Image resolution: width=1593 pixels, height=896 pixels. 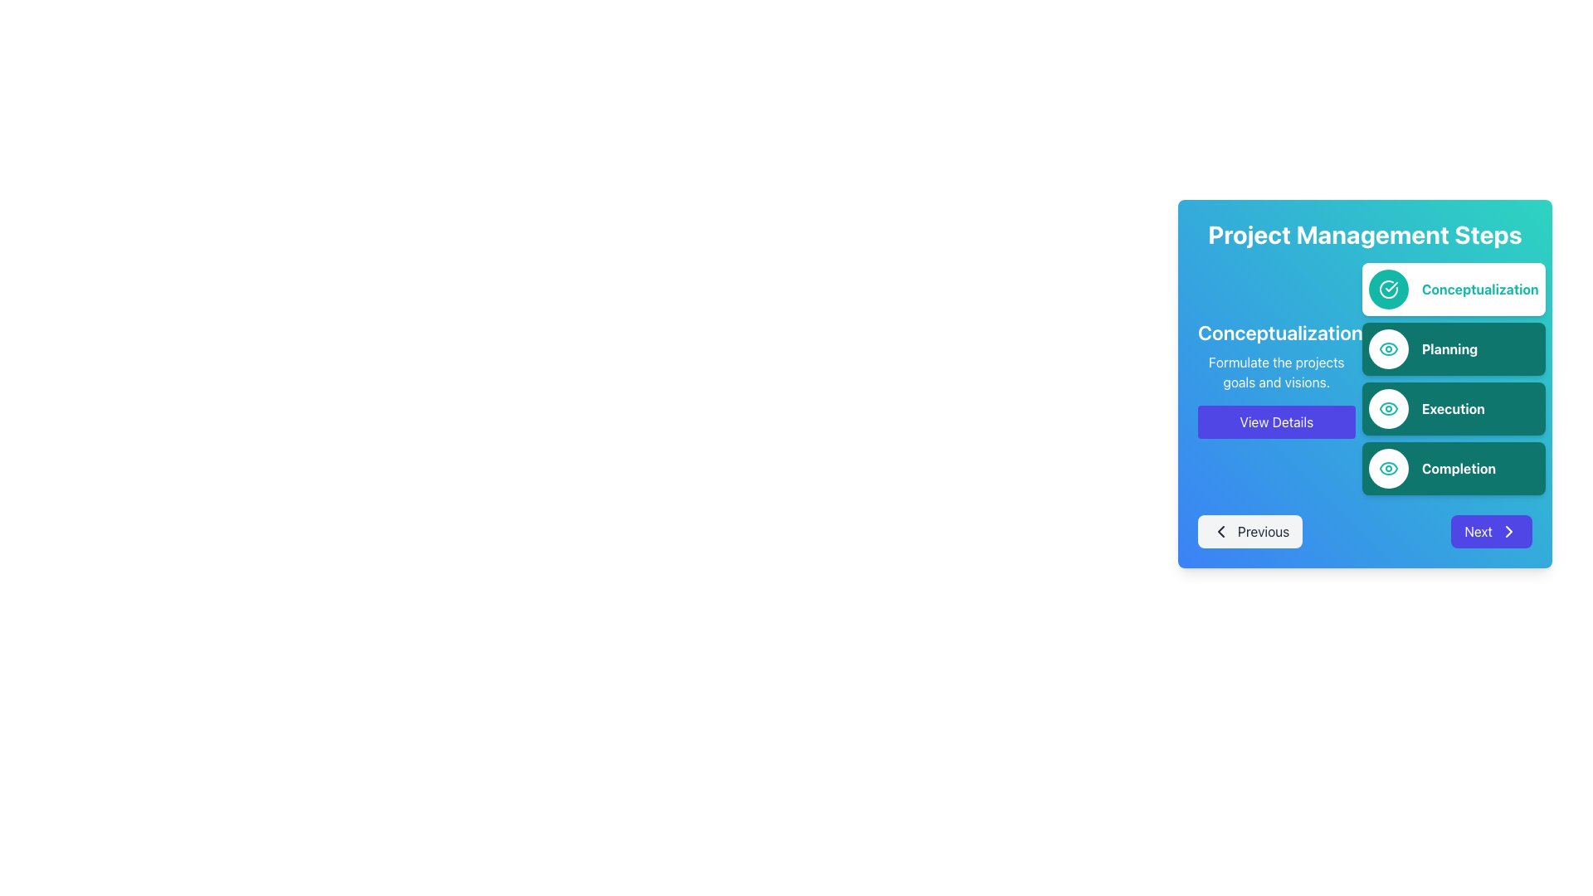 I want to click on icon that serves as a visual indicator for accessing details related to the 'Execution' step in the project management process, so click(x=1388, y=348).